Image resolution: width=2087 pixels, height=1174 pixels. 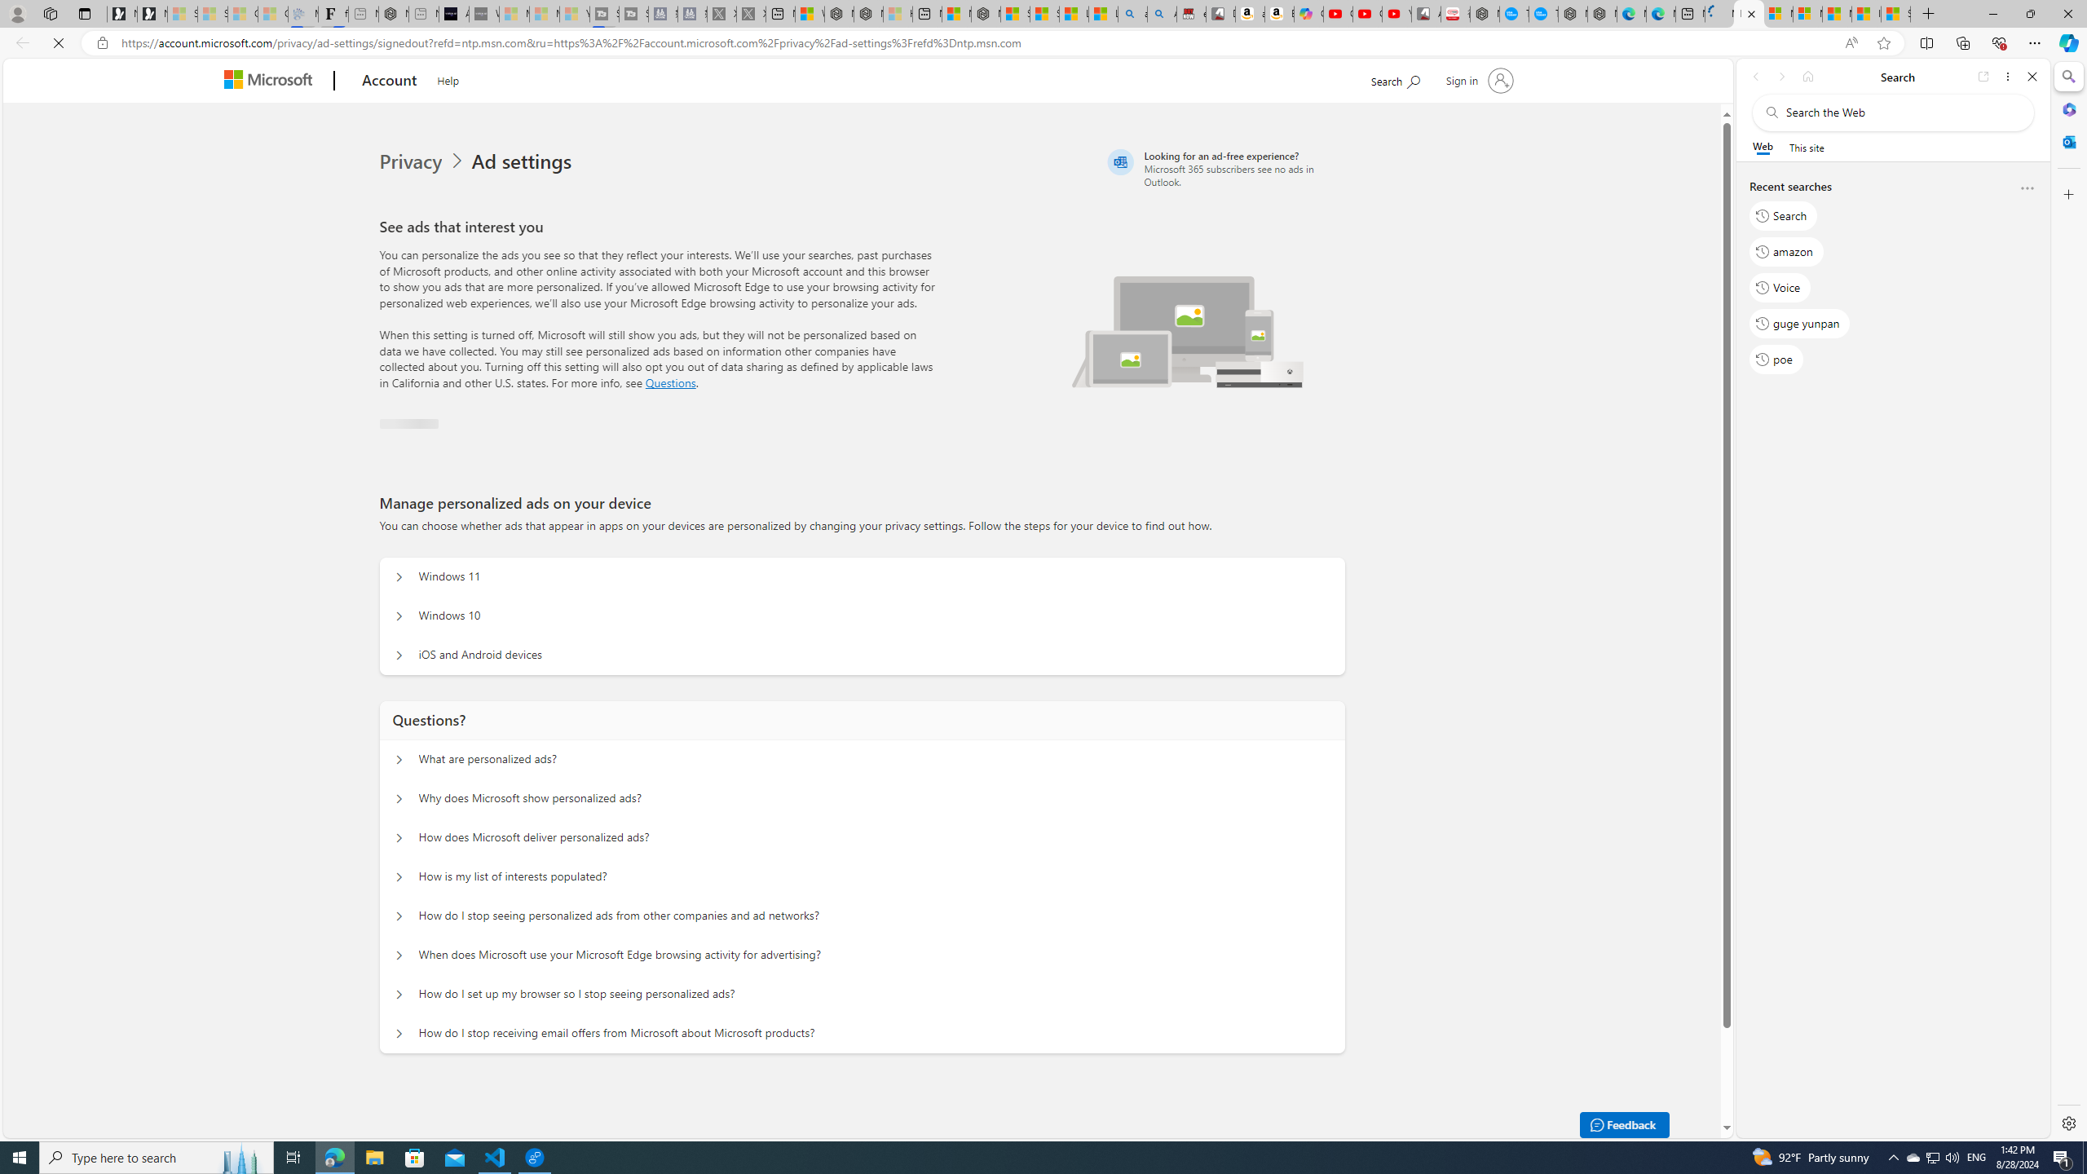 I want to click on 'I Gained 20 Pounds of Muscle in 30 Days! | Watch', so click(x=1865, y=13).